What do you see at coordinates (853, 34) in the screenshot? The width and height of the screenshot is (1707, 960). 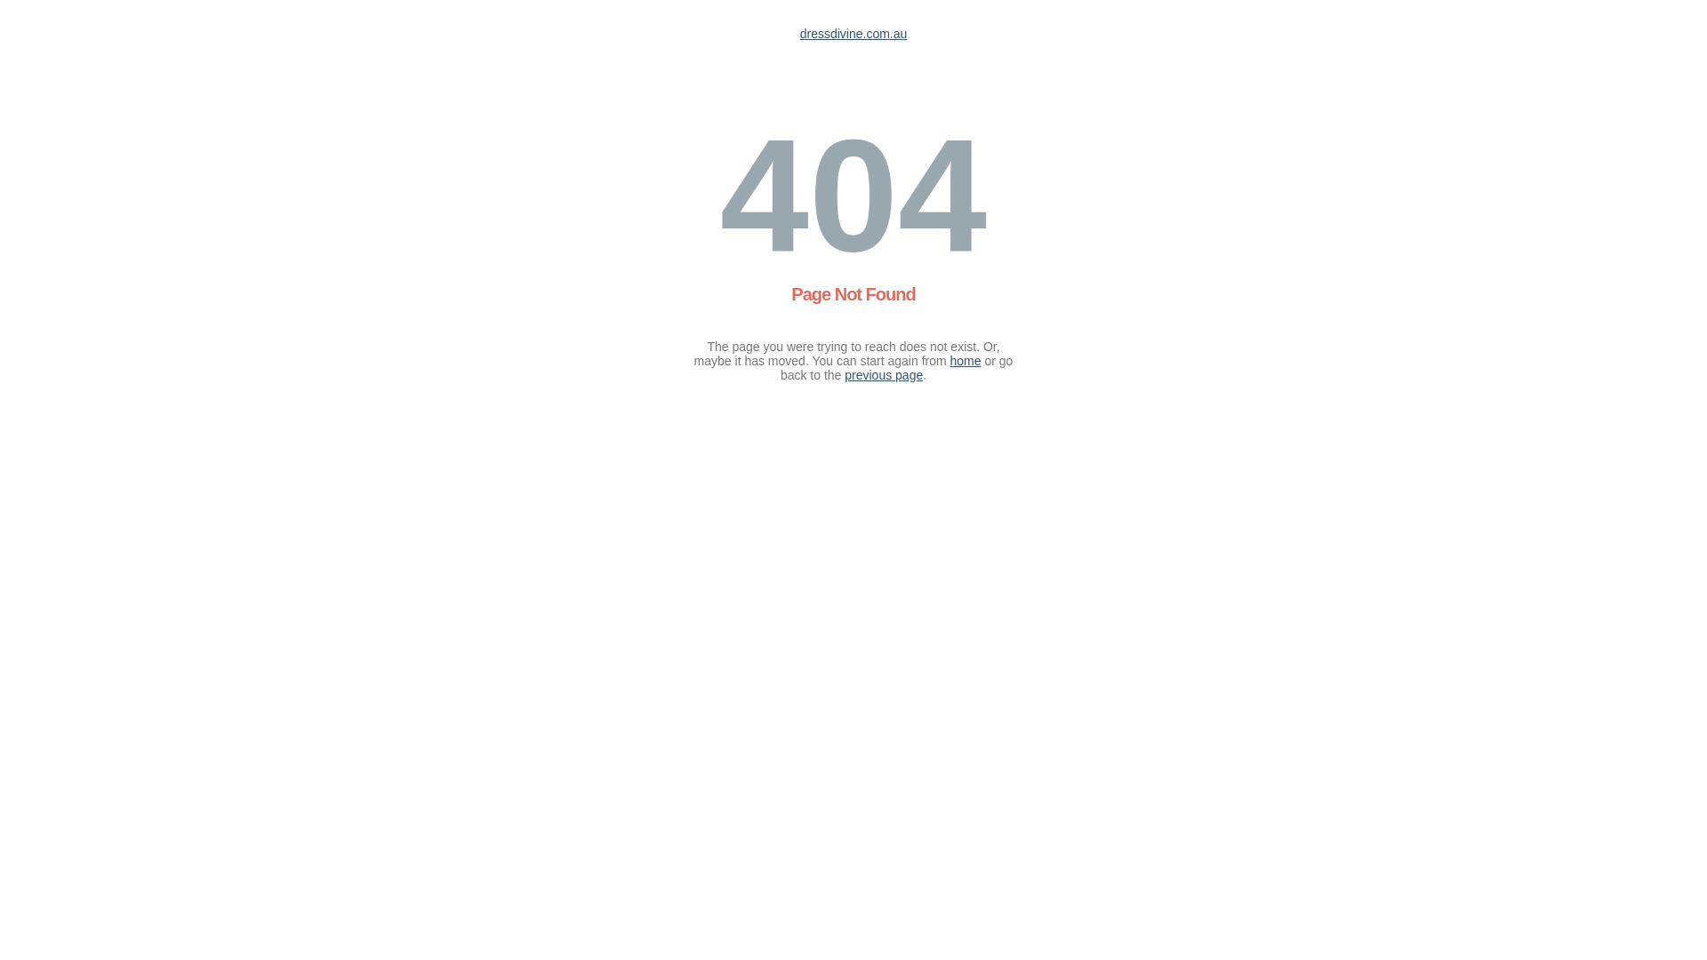 I see `'dressdivine.com.au'` at bounding box center [853, 34].